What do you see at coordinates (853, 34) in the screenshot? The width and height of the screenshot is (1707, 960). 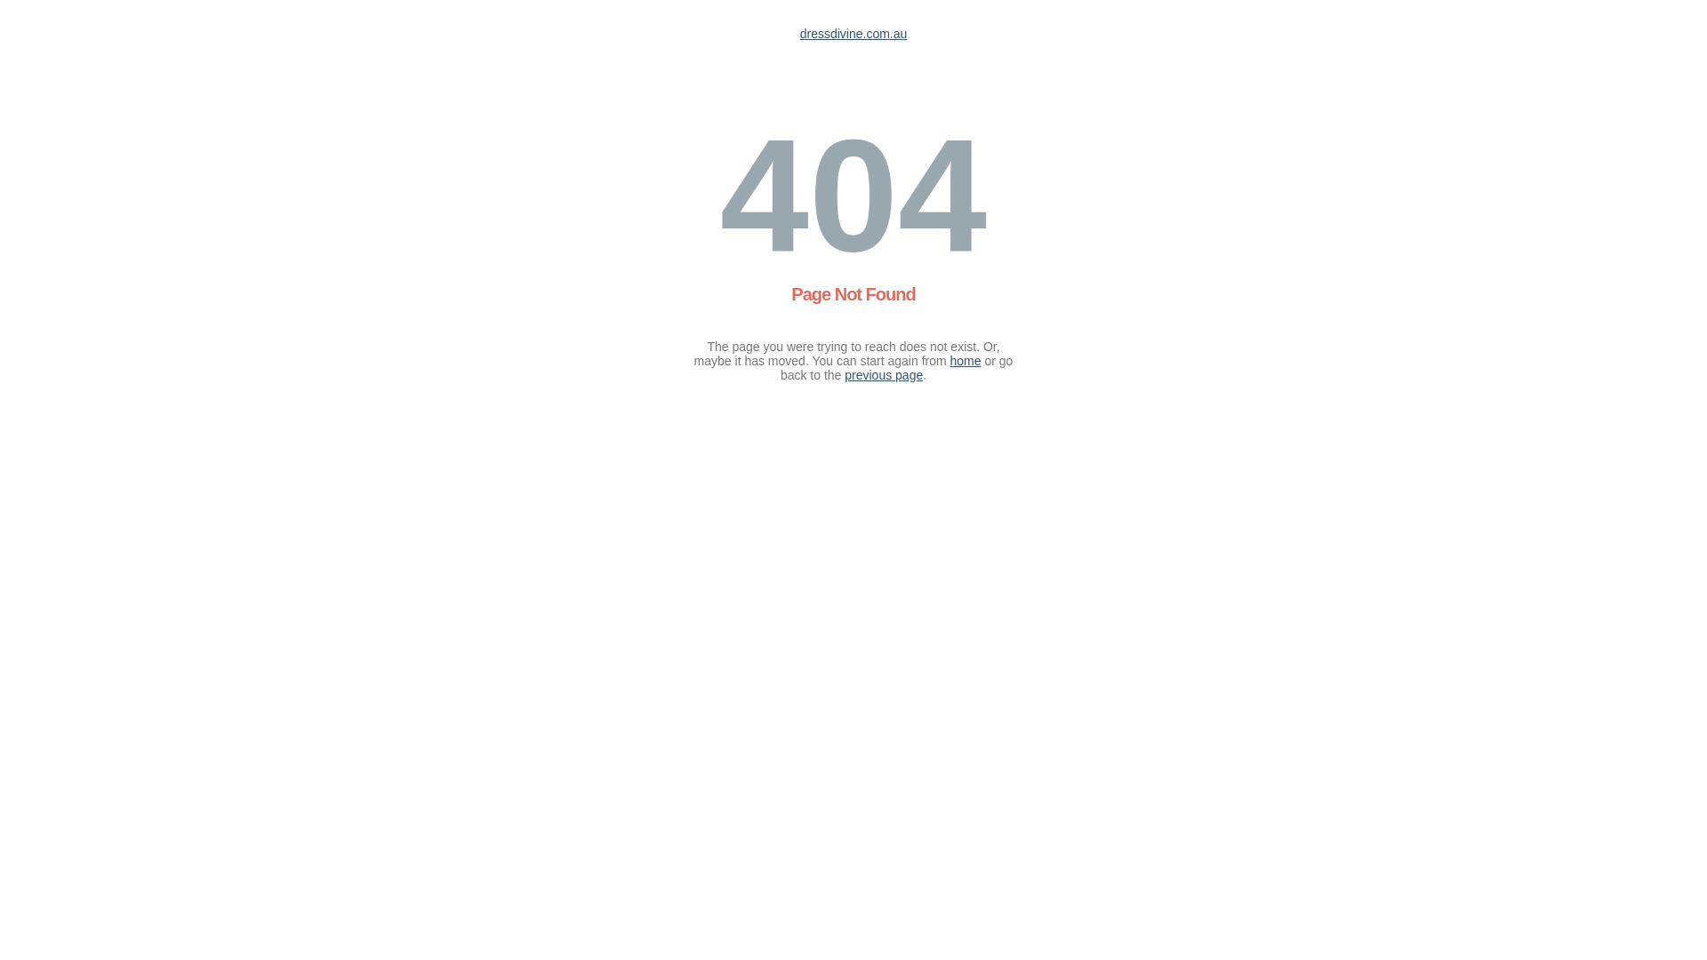 I see `'dressdivine.com.au'` at bounding box center [853, 34].